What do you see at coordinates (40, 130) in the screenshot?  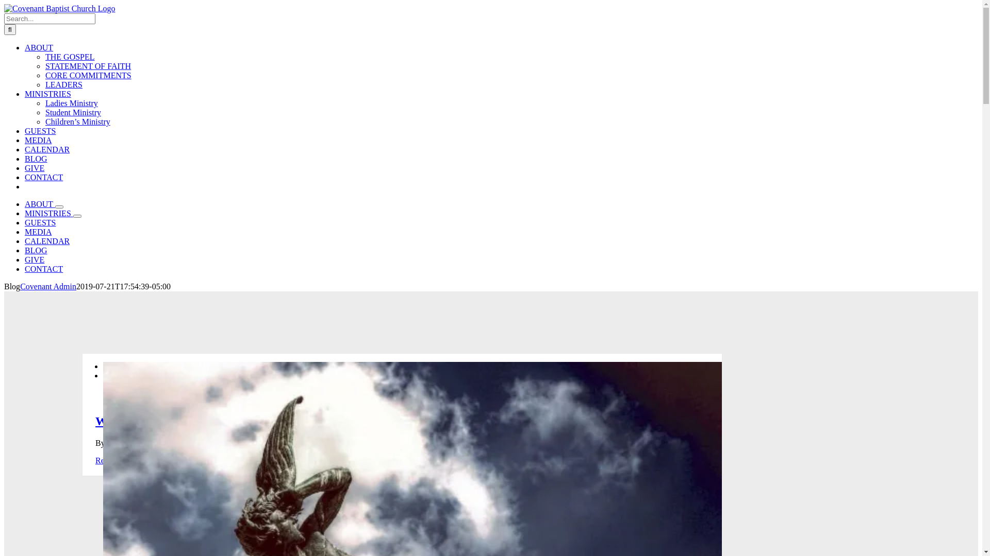 I see `'GUESTS'` at bounding box center [40, 130].